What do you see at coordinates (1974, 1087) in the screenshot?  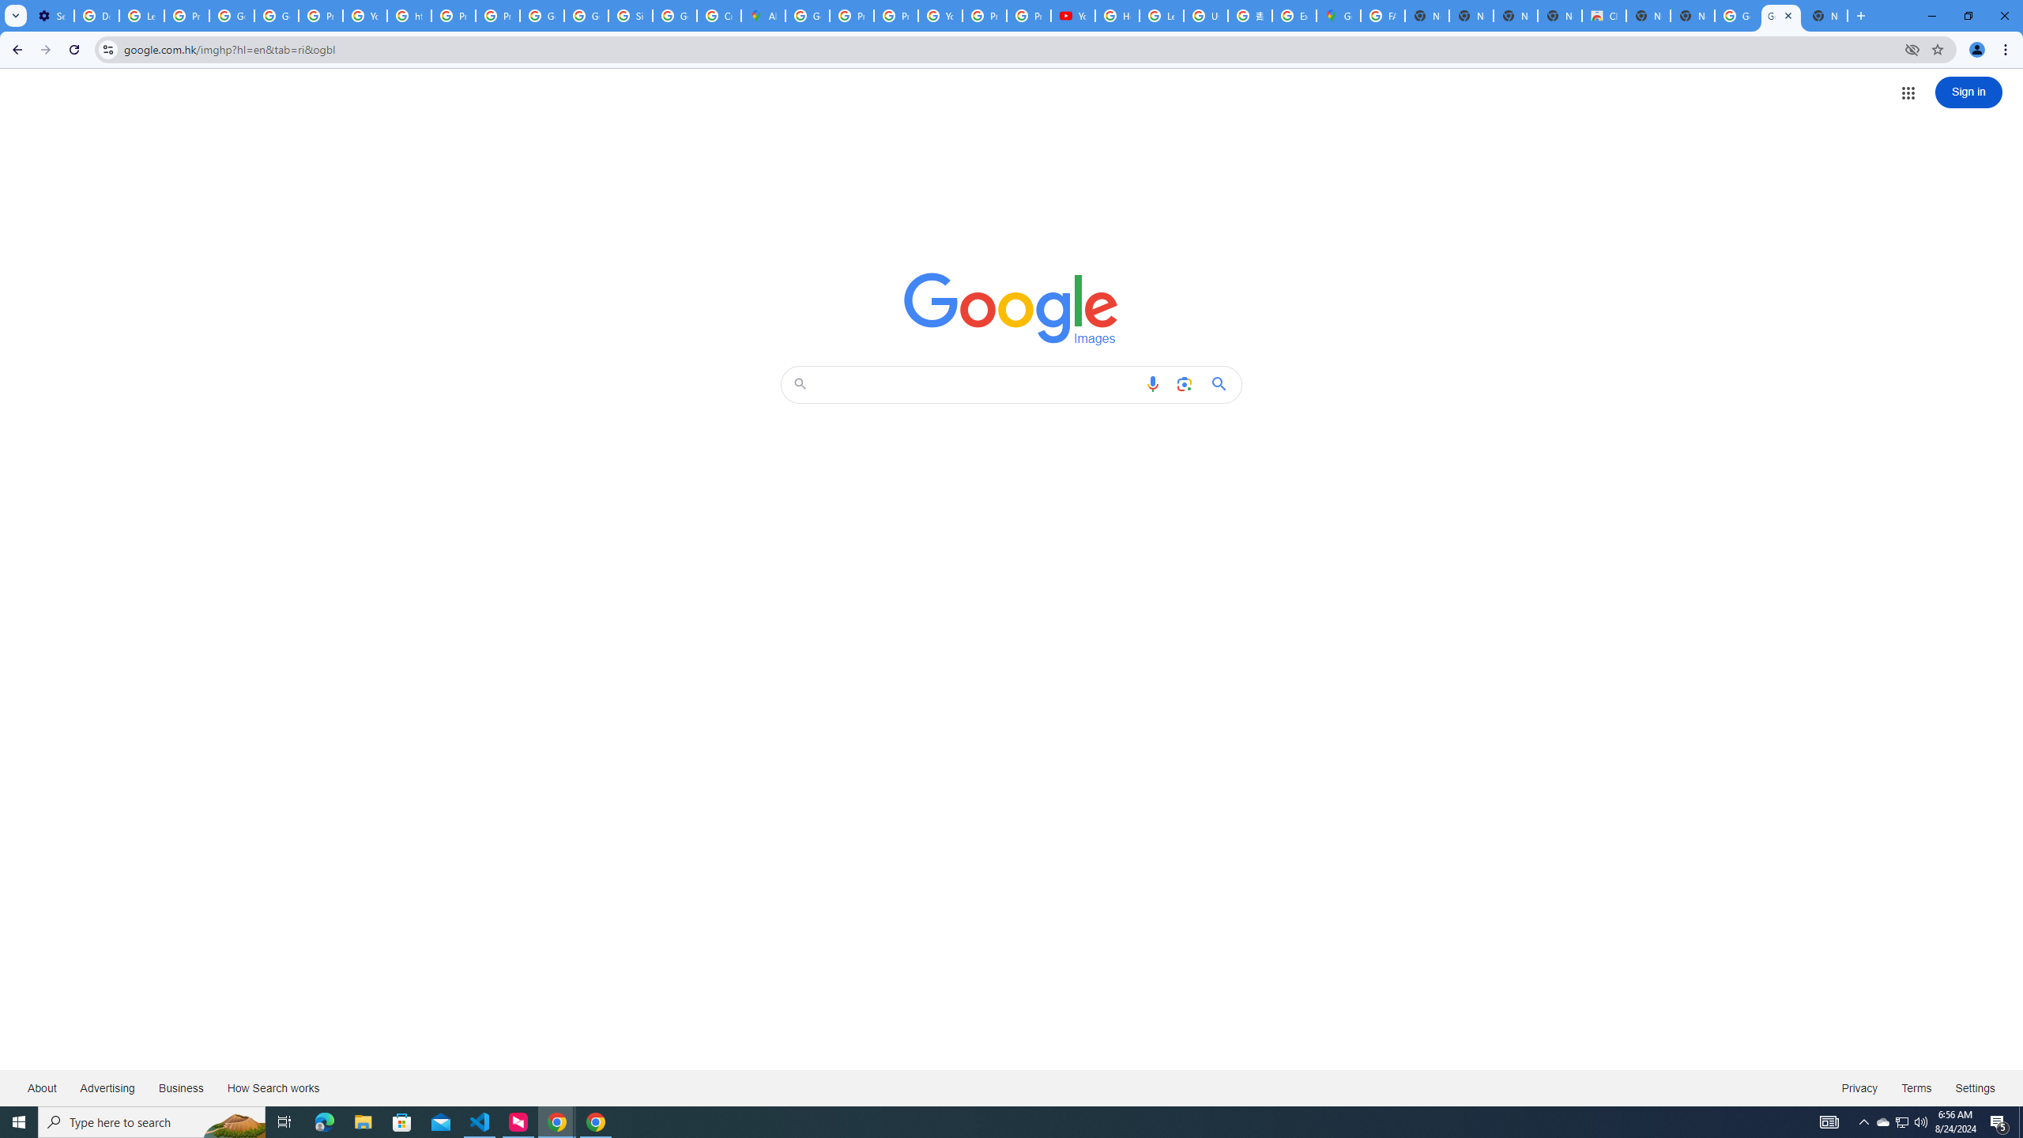 I see `'Settings'` at bounding box center [1974, 1087].